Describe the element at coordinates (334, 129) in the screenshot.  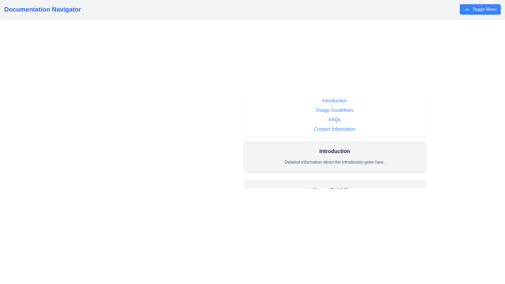
I see `the hyperlinked text labeled 'Contact Information'` at that location.